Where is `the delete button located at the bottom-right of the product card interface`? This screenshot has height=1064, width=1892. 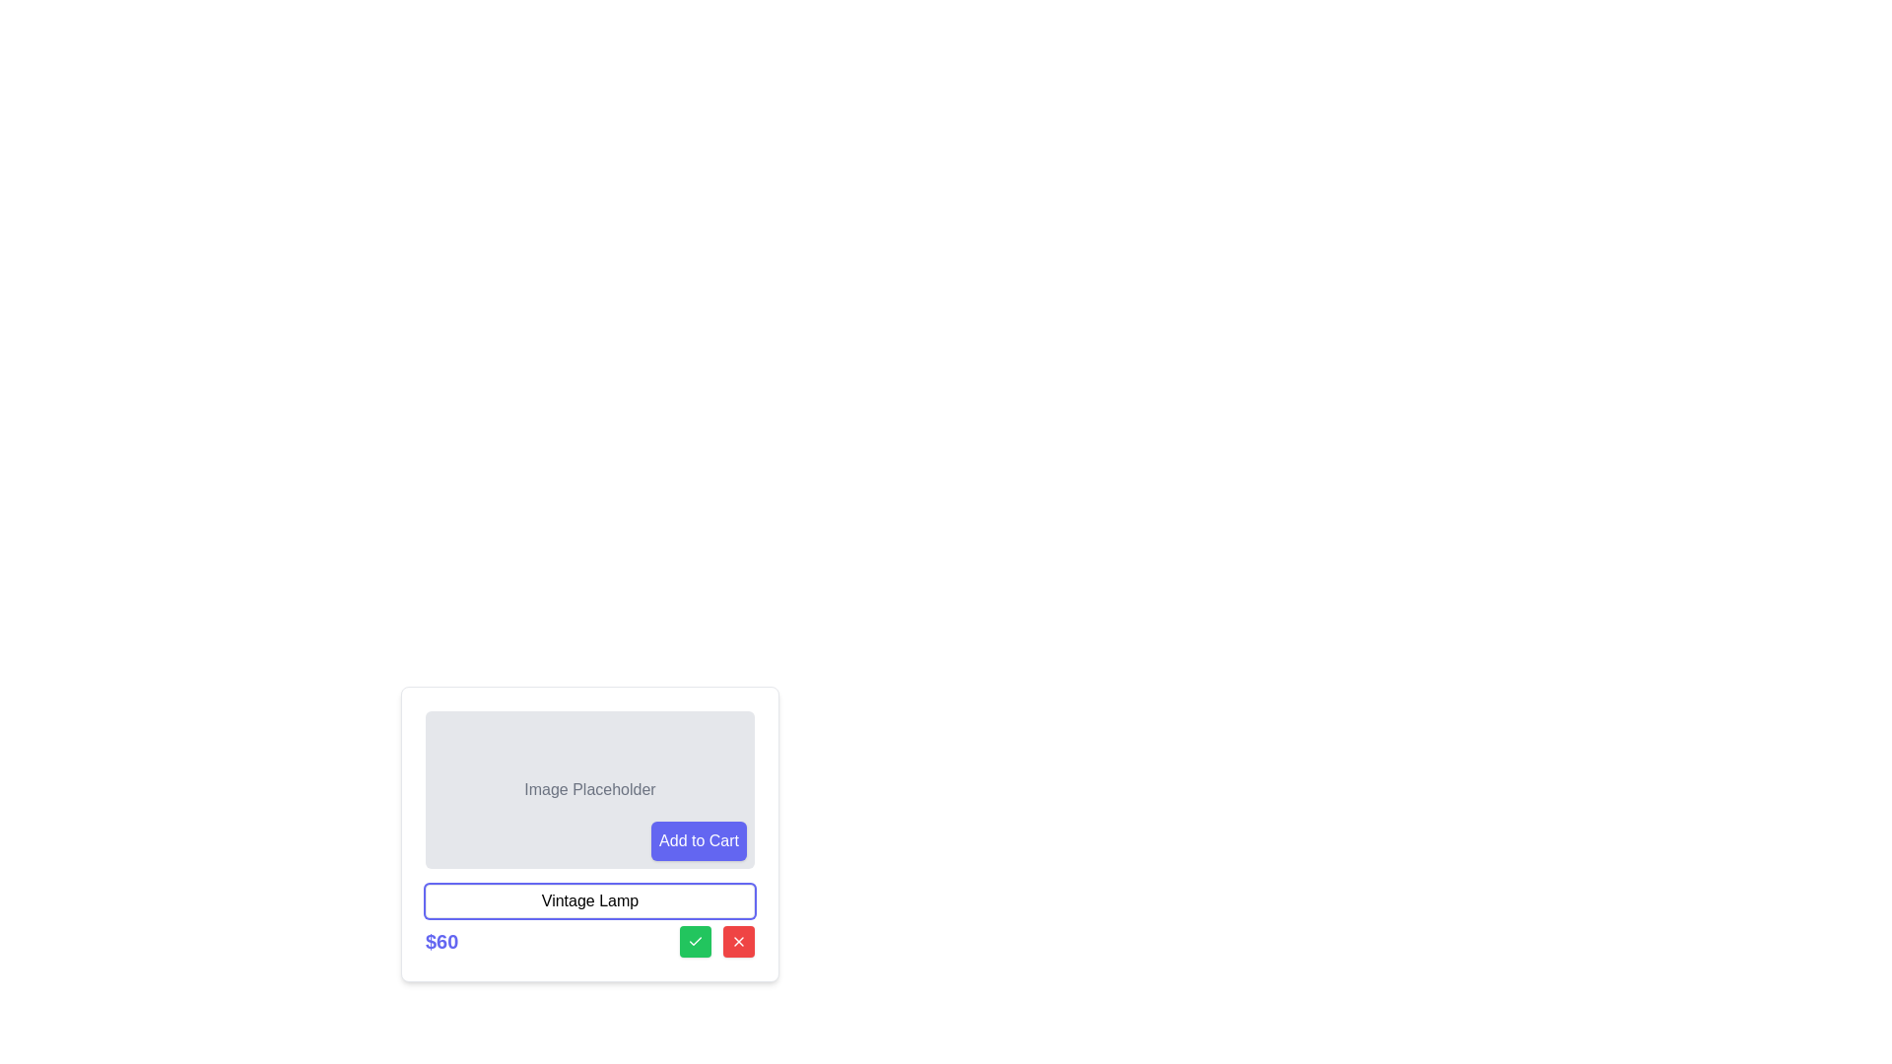
the delete button located at the bottom-right of the product card interface is located at coordinates (737, 941).